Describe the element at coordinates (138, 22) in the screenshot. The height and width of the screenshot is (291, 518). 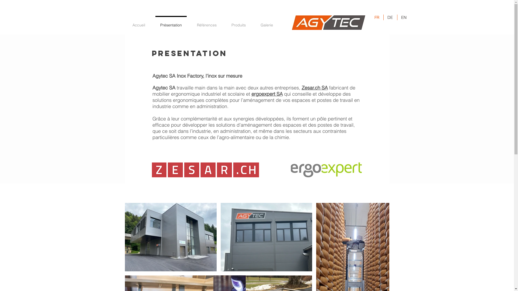
I see `'Accueil'` at that location.